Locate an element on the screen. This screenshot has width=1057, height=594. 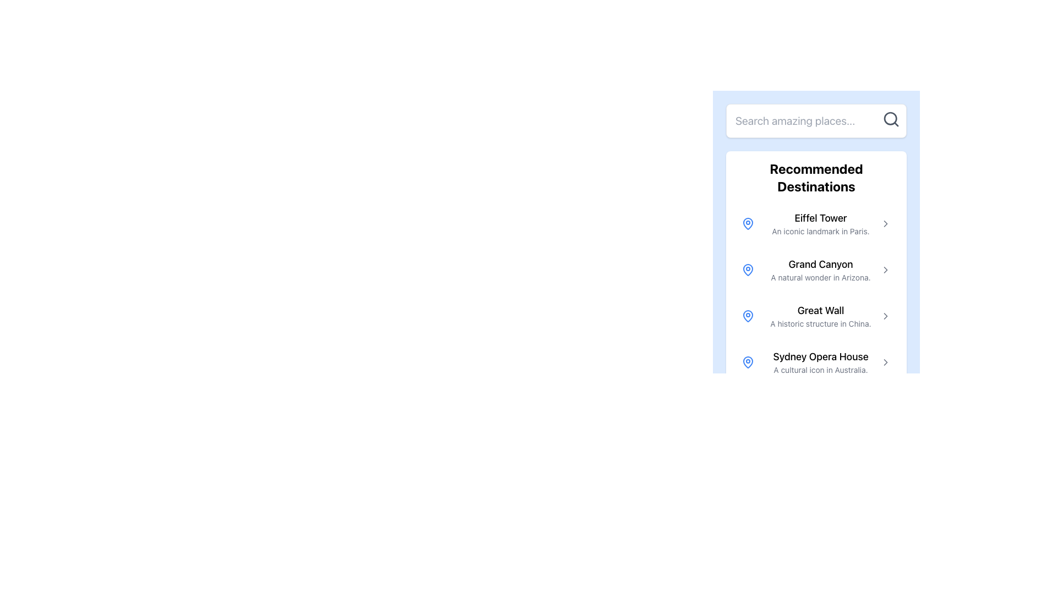
the first item in the navigation list that provides information about the Eiffel Tower is located at coordinates (816, 223).